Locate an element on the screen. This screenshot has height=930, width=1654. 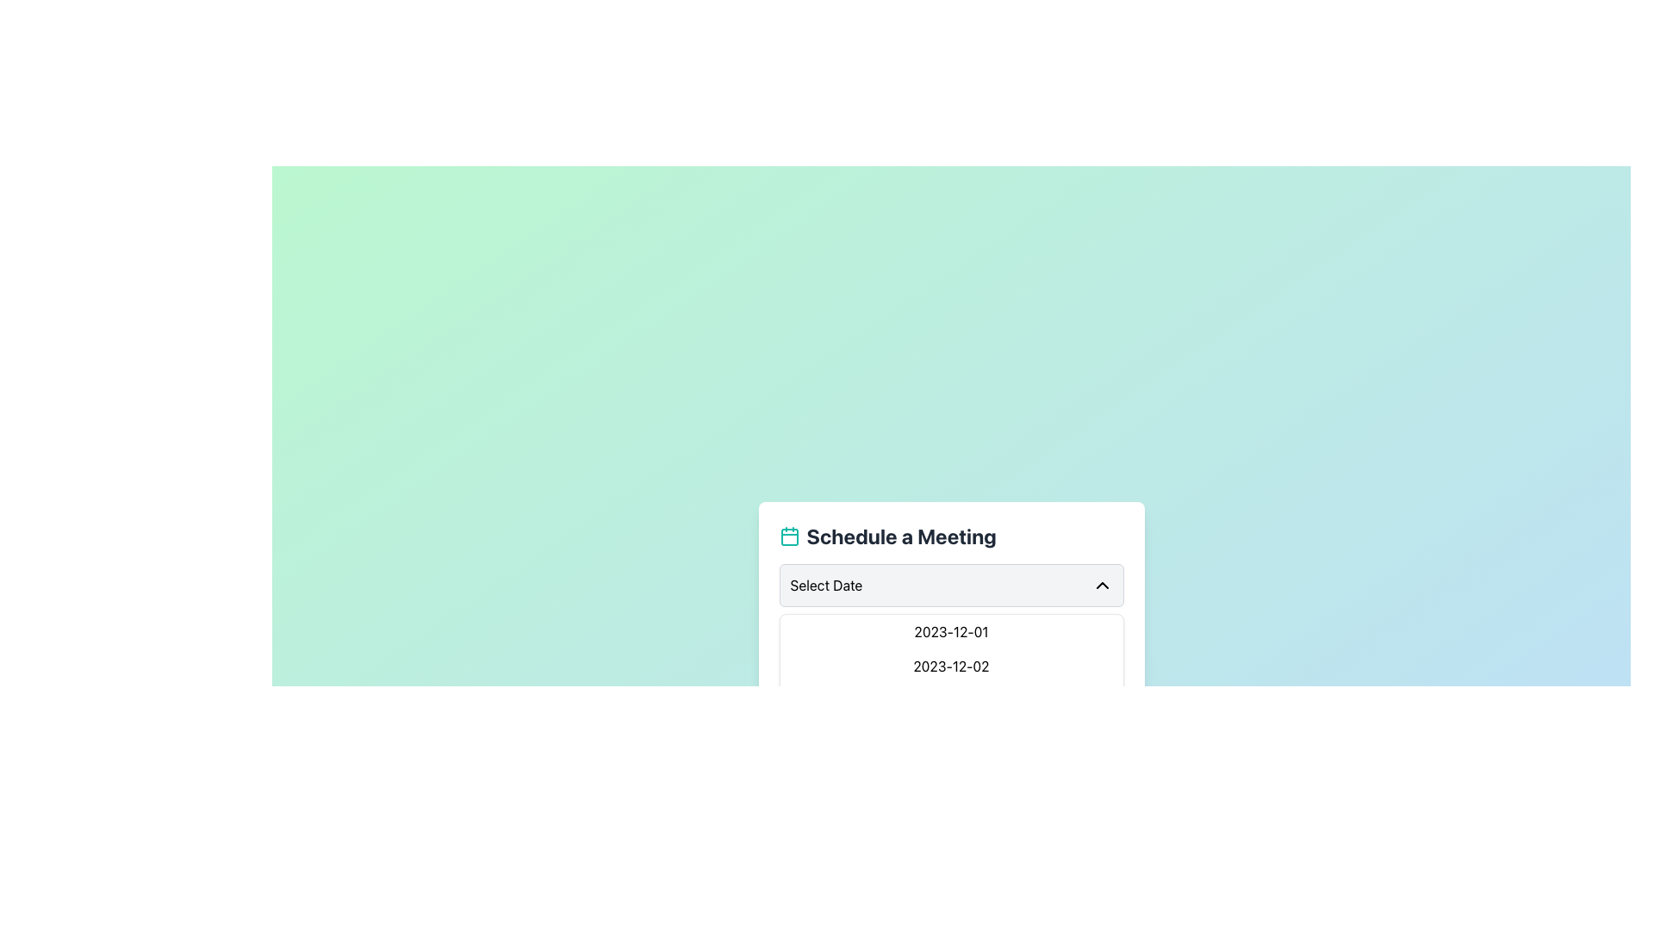
the second selectable date option in the date selector interface is located at coordinates (950, 666).